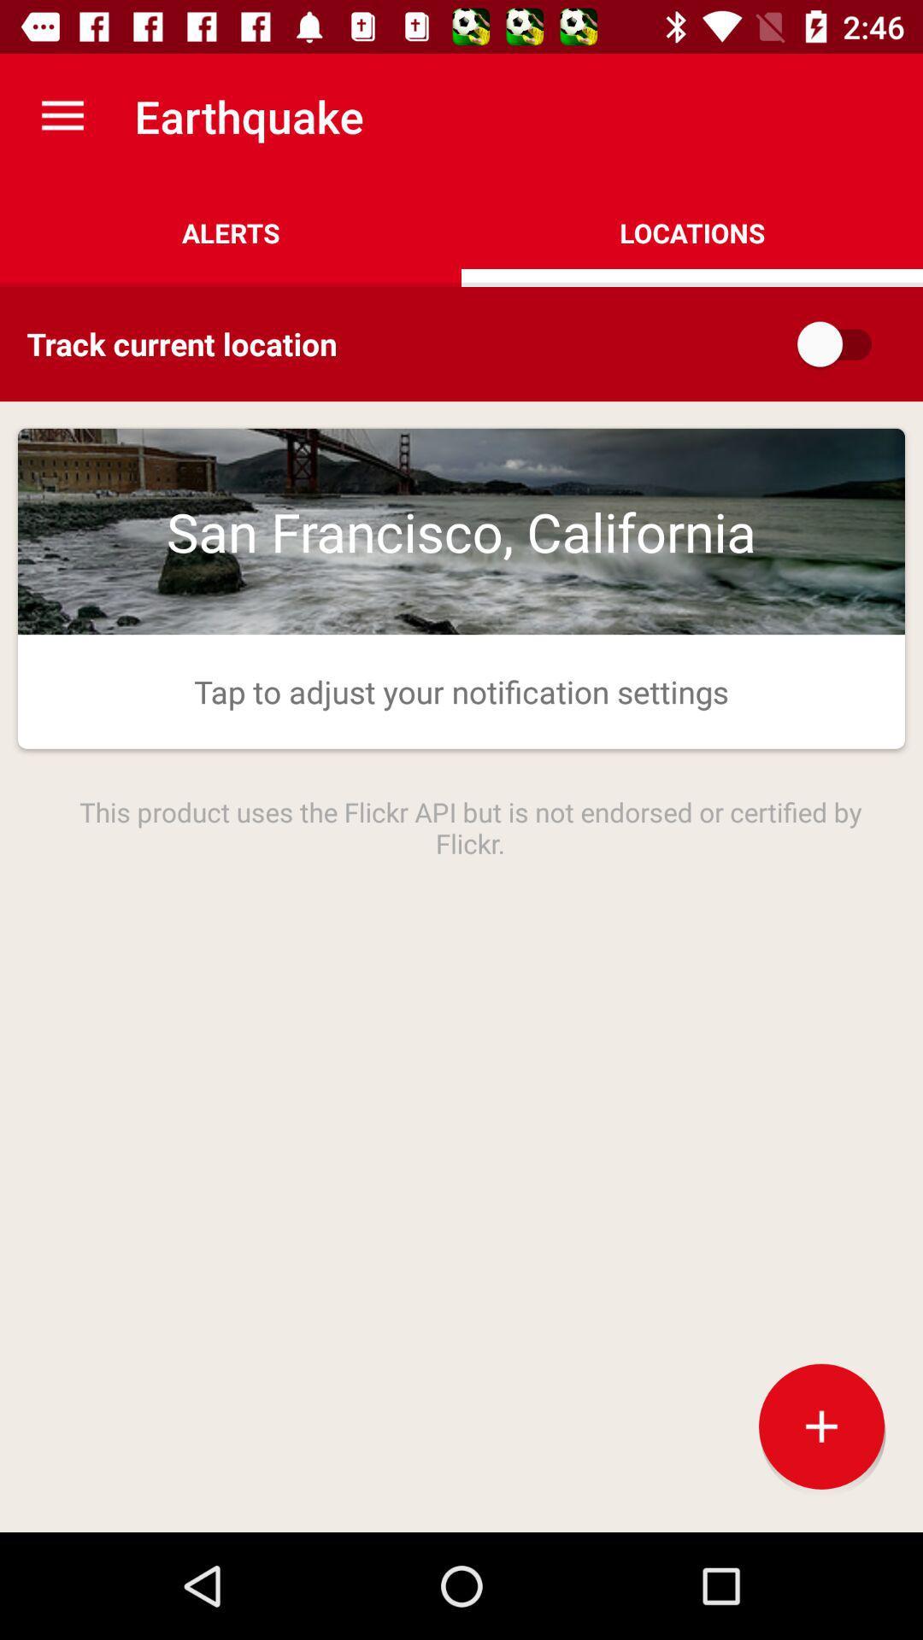 The image size is (923, 1640). I want to click on the item above alerts app, so click(62, 115).